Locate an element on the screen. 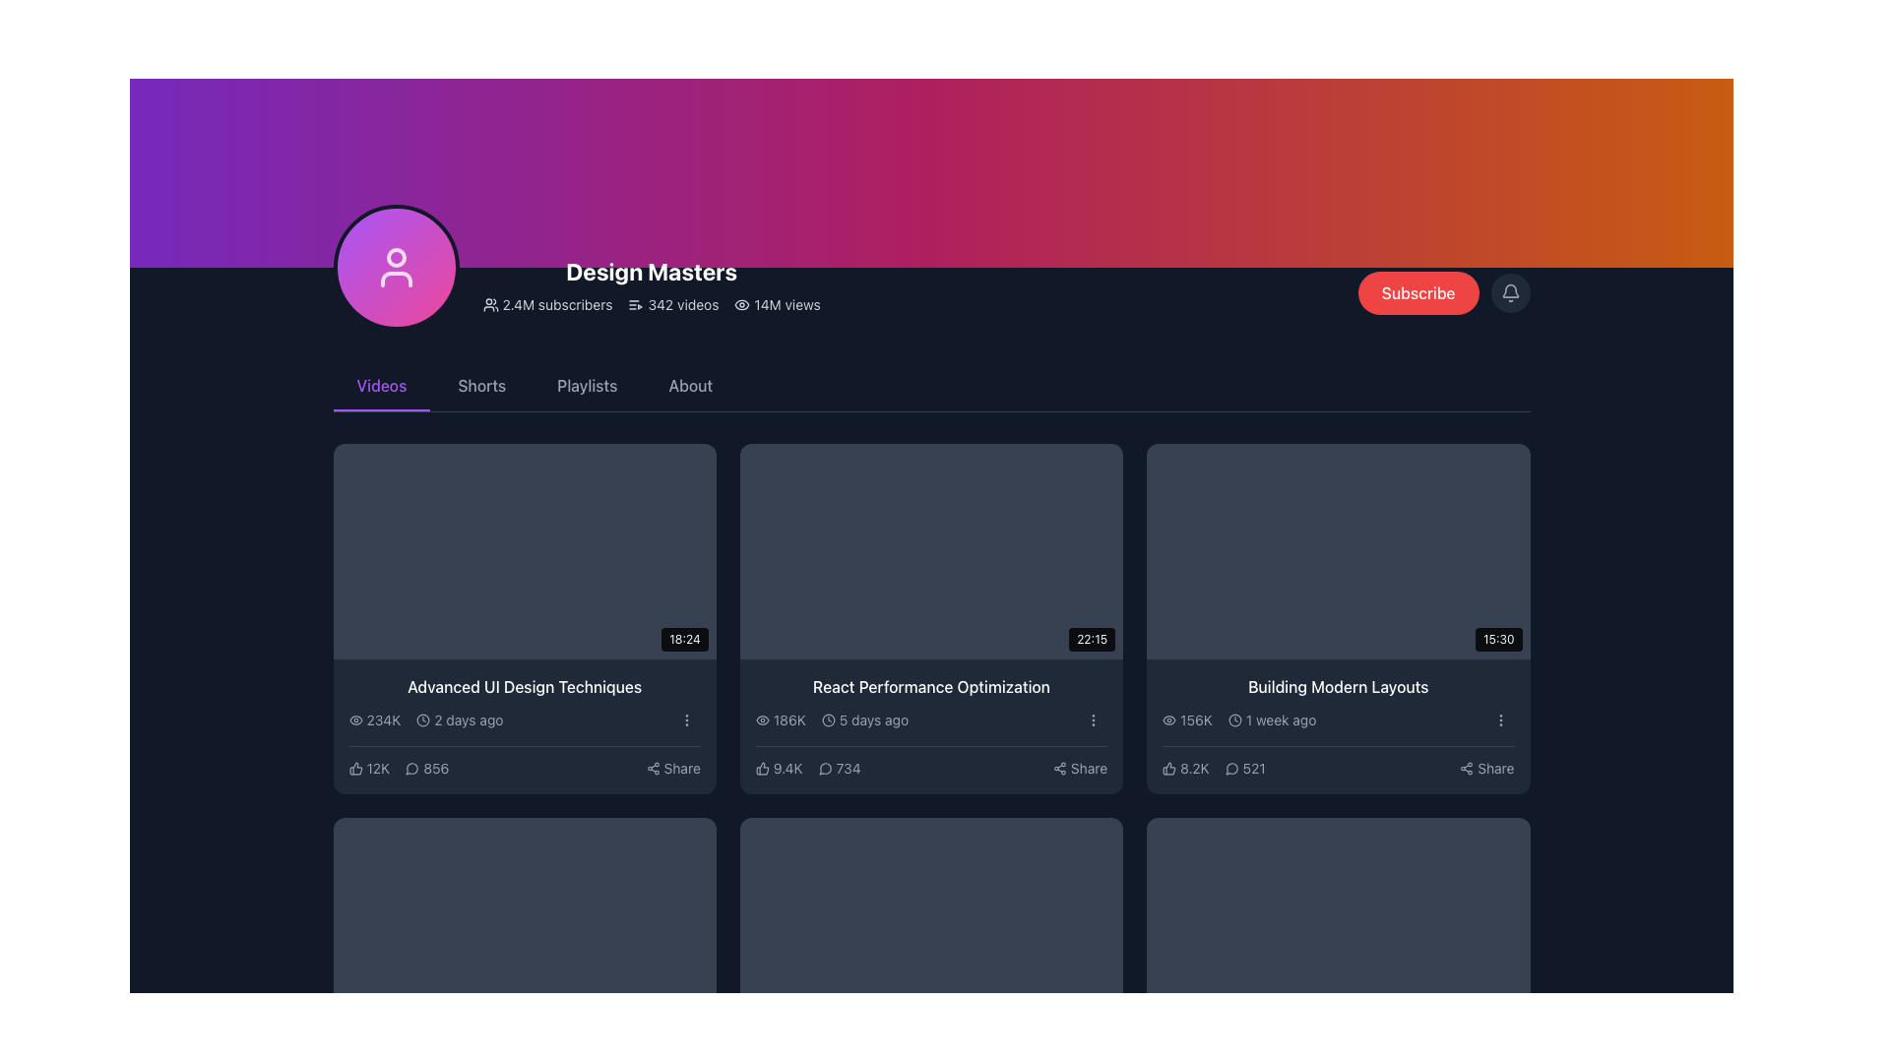 The height and width of the screenshot is (1063, 1890). the 'like' icon button located in the video interaction panel below the video titled 'Building Modern Layouts' to express approval for the content is located at coordinates (1169, 767).